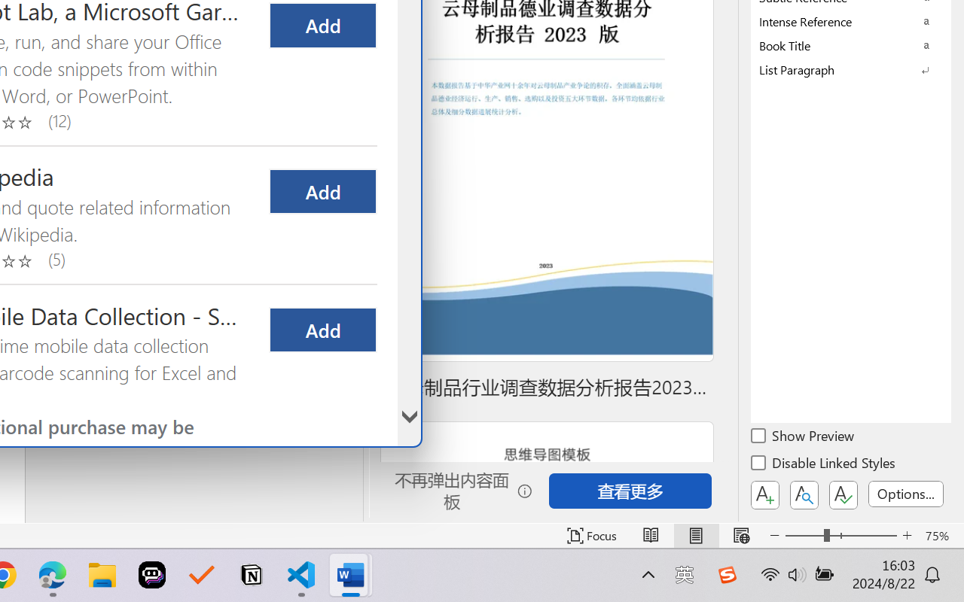 Image resolution: width=964 pixels, height=602 pixels. I want to click on 'Read Mode', so click(651, 535).